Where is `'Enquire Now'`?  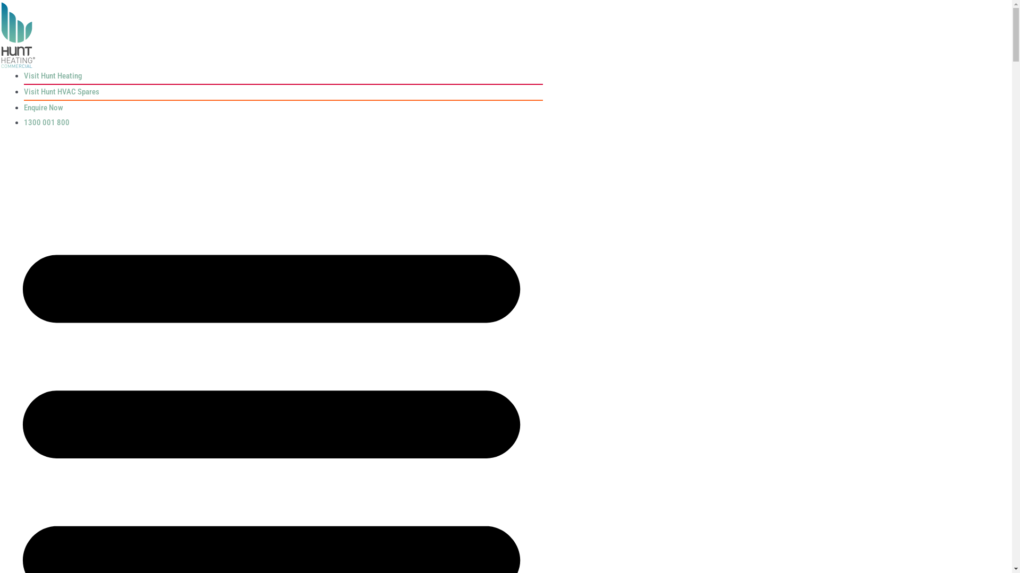 'Enquire Now' is located at coordinates (42, 108).